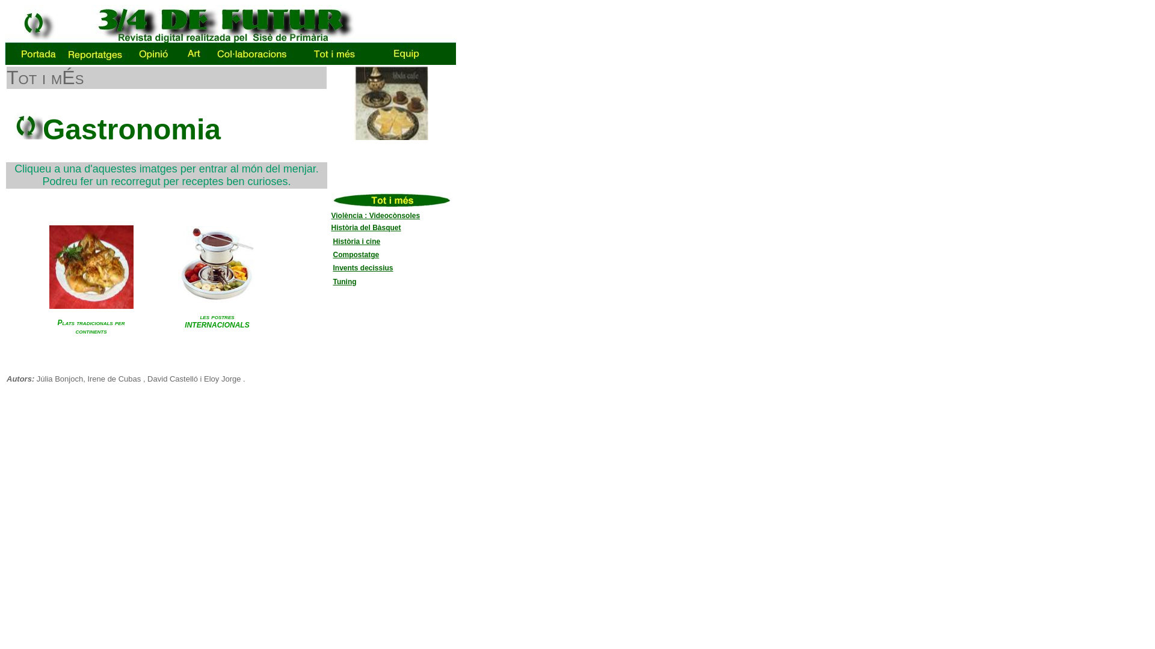 The height and width of the screenshot is (649, 1155). Describe the element at coordinates (333, 282) in the screenshot. I see `'Tuning'` at that location.